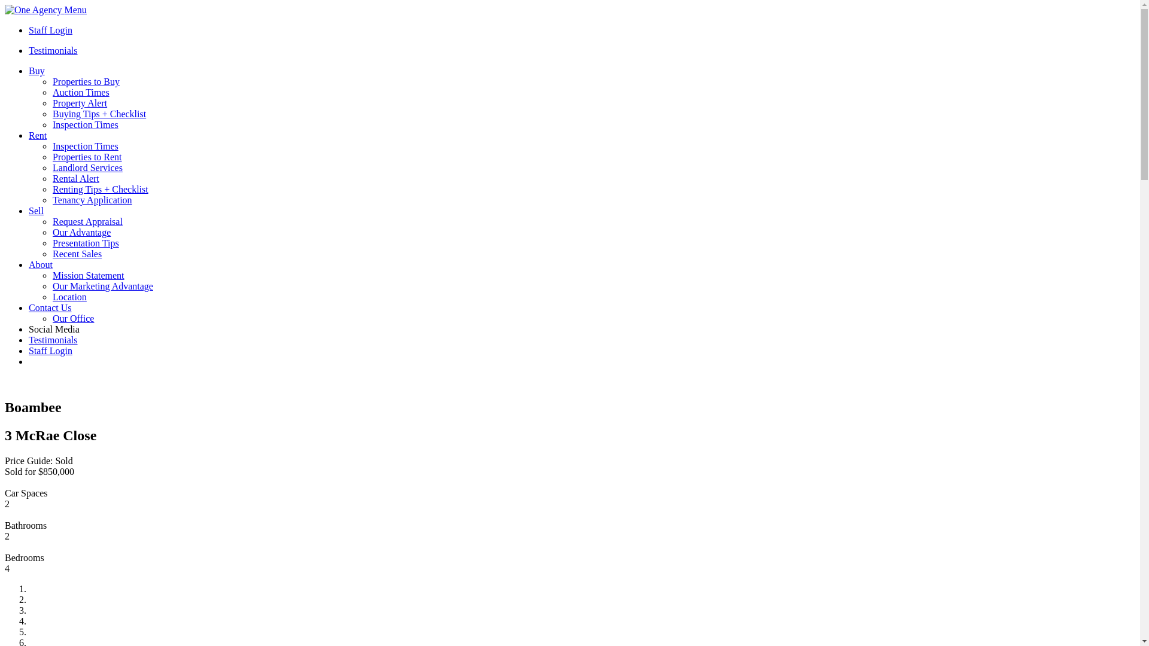 The width and height of the screenshot is (1149, 646). I want to click on 'Inspection Times', so click(85, 124).